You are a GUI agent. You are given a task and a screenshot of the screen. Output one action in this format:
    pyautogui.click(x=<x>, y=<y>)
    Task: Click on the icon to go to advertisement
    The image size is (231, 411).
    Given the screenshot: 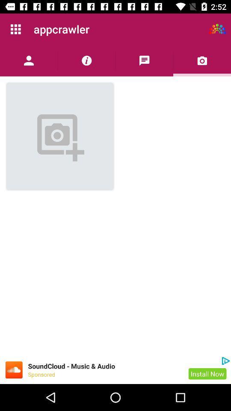 What is the action you would take?
    pyautogui.click(x=13, y=369)
    